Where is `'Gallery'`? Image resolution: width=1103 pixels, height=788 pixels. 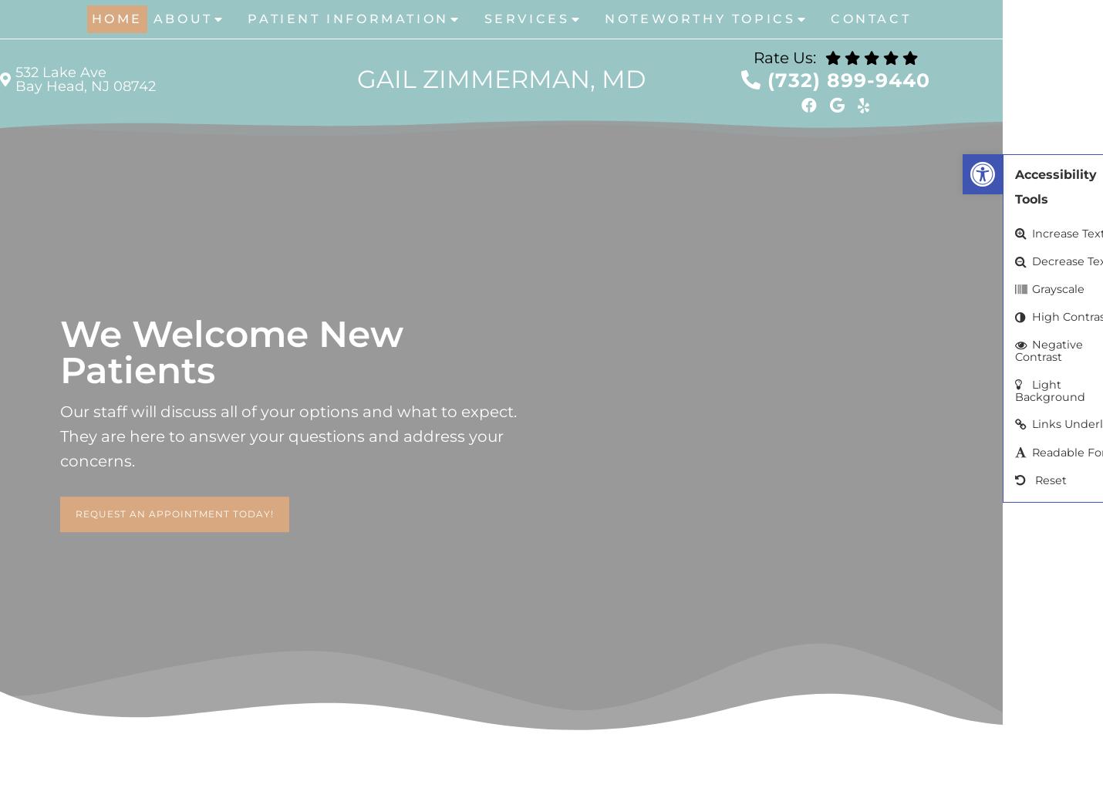
'Gallery' is located at coordinates (192, 133).